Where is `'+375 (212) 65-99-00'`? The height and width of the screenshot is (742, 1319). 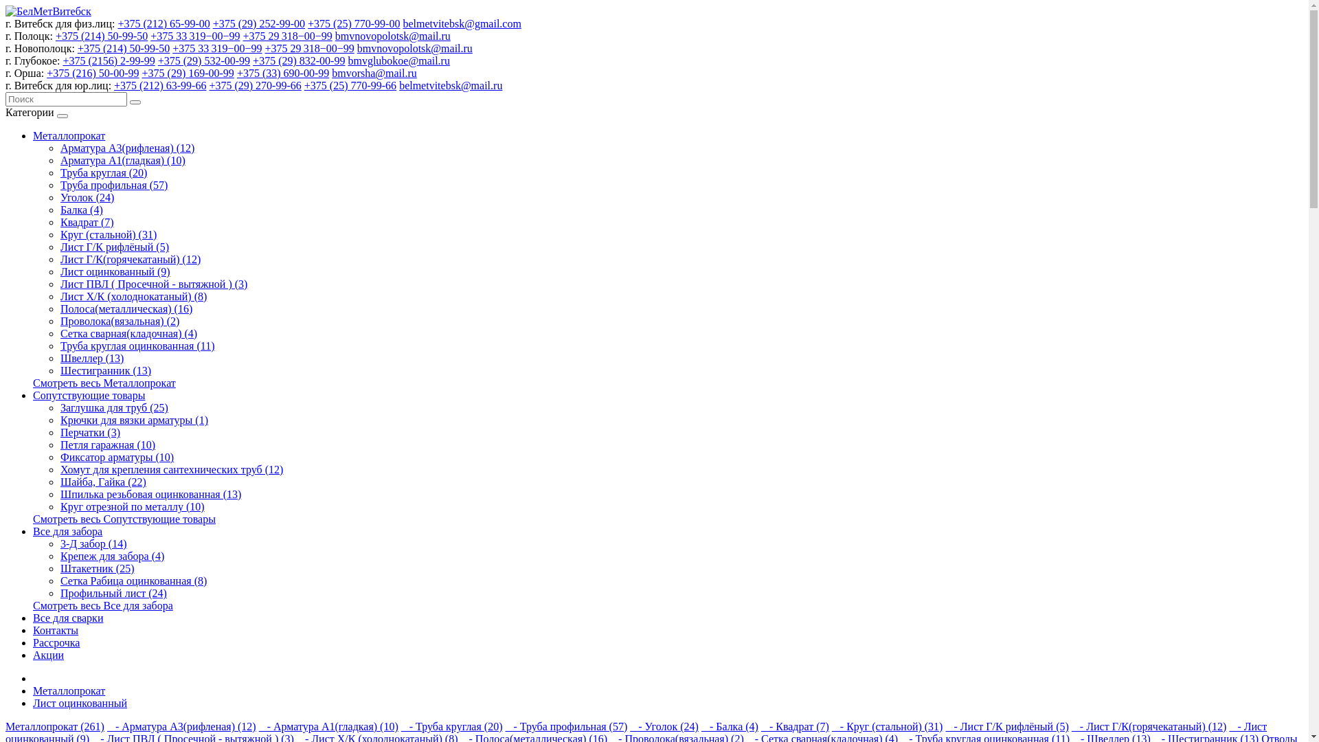
'+375 (212) 65-99-00' is located at coordinates (164, 23).